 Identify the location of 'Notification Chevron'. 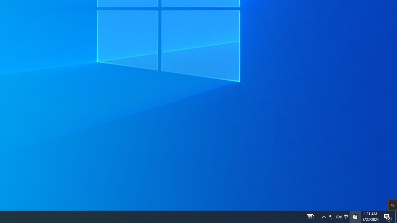
(331, 216).